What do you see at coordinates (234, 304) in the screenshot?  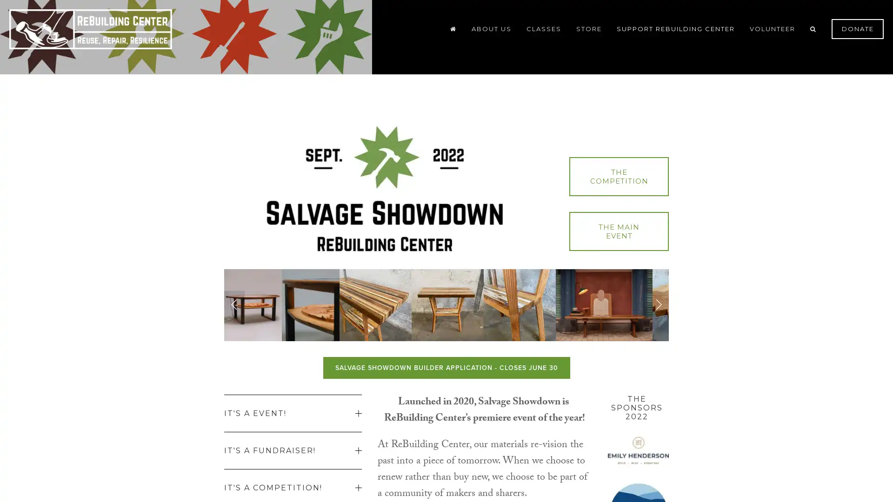 I see `Previous Slide` at bounding box center [234, 304].